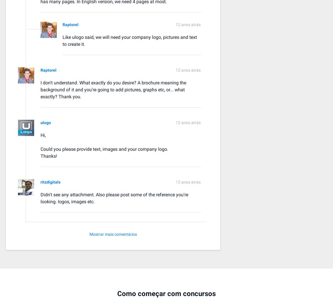 This screenshot has height=303, width=333. What do you see at coordinates (40, 148) in the screenshot?
I see `'Could you please provide text, images and your company logo.'` at bounding box center [40, 148].